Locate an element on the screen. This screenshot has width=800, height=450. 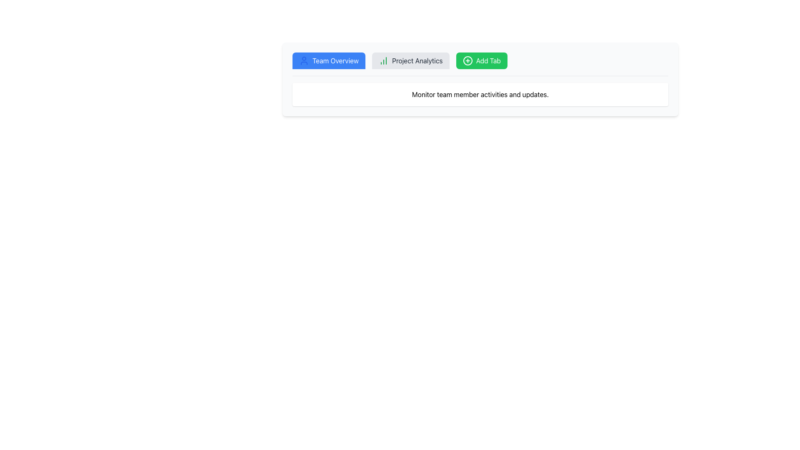
the navigation tab for 'Project Analytics' is located at coordinates (410, 60).